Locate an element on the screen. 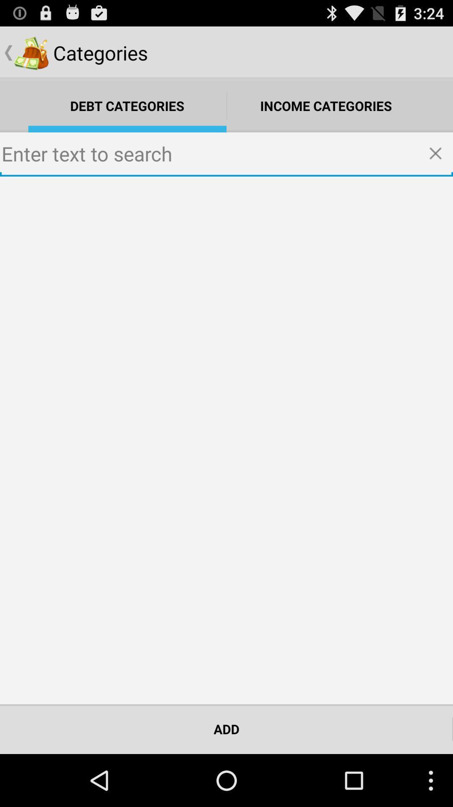 The width and height of the screenshot is (453, 807). the add button is located at coordinates (226, 728).